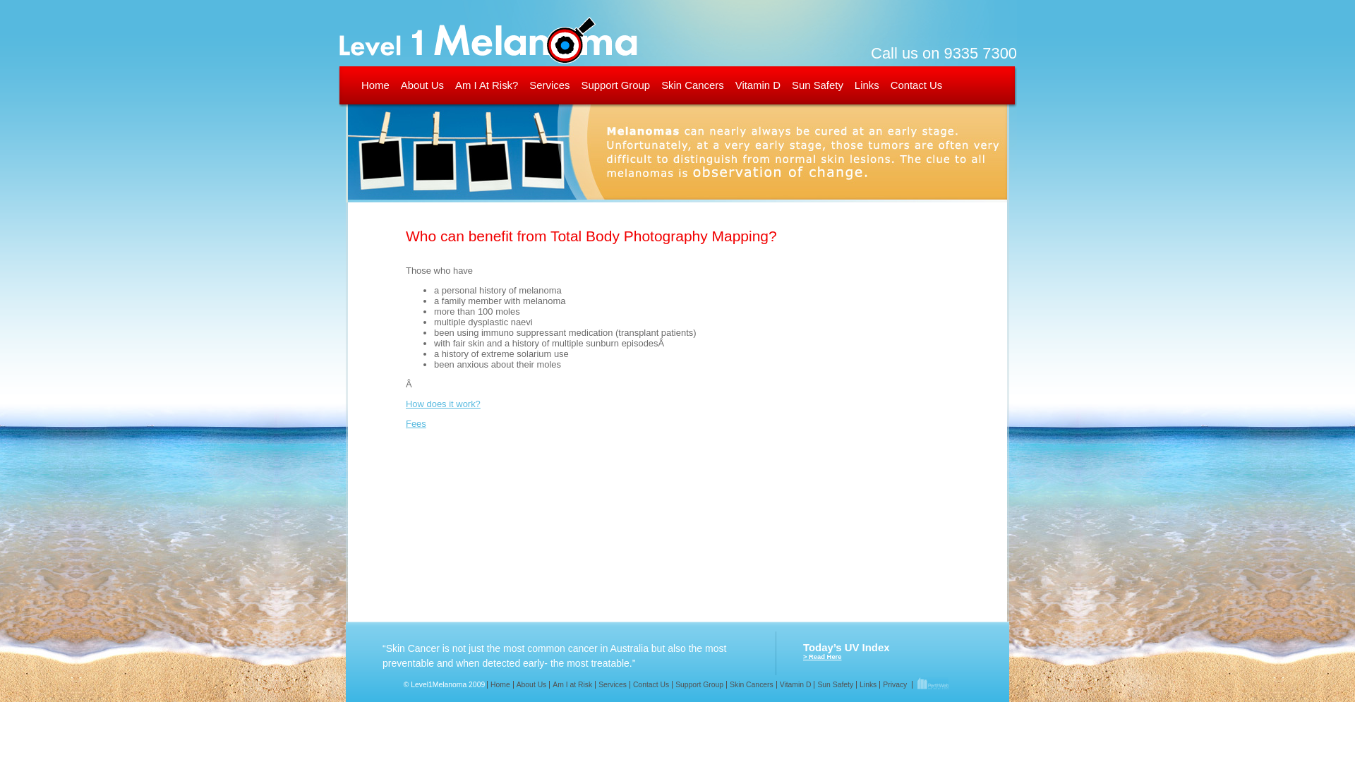  What do you see at coordinates (822, 656) in the screenshot?
I see `'> Read Here'` at bounding box center [822, 656].